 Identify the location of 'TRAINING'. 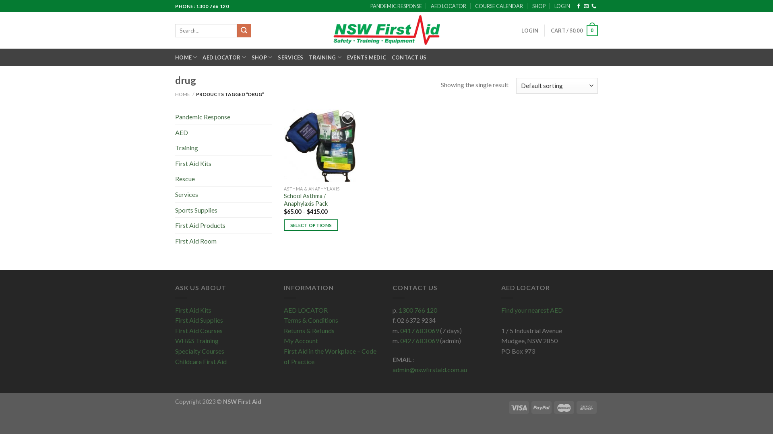
(308, 57).